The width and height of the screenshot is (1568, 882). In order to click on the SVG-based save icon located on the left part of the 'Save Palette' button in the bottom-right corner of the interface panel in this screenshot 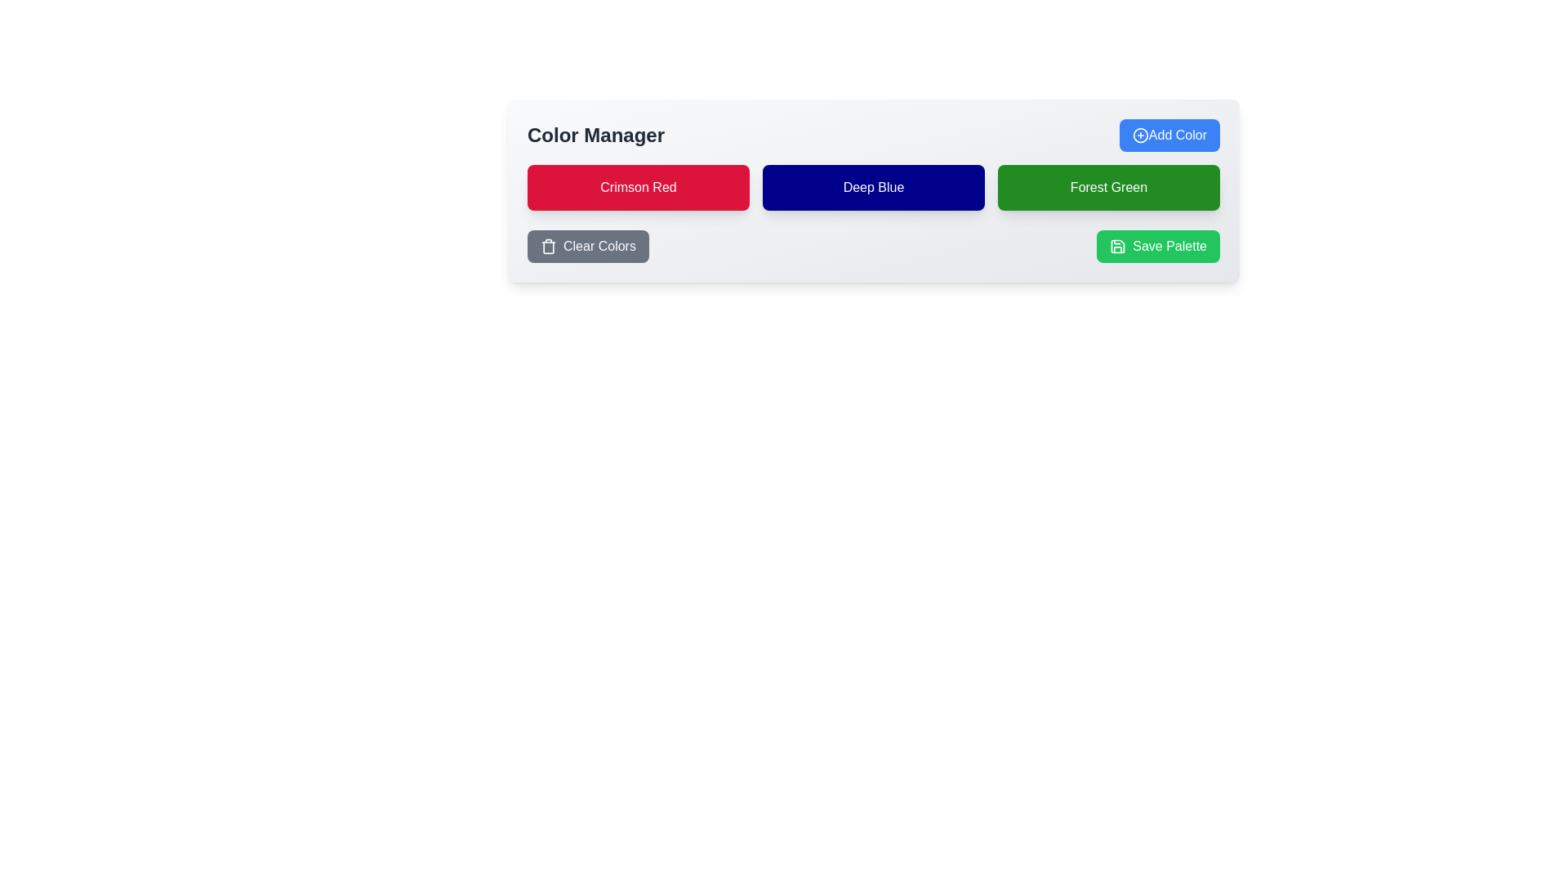, I will do `click(1117, 246)`.